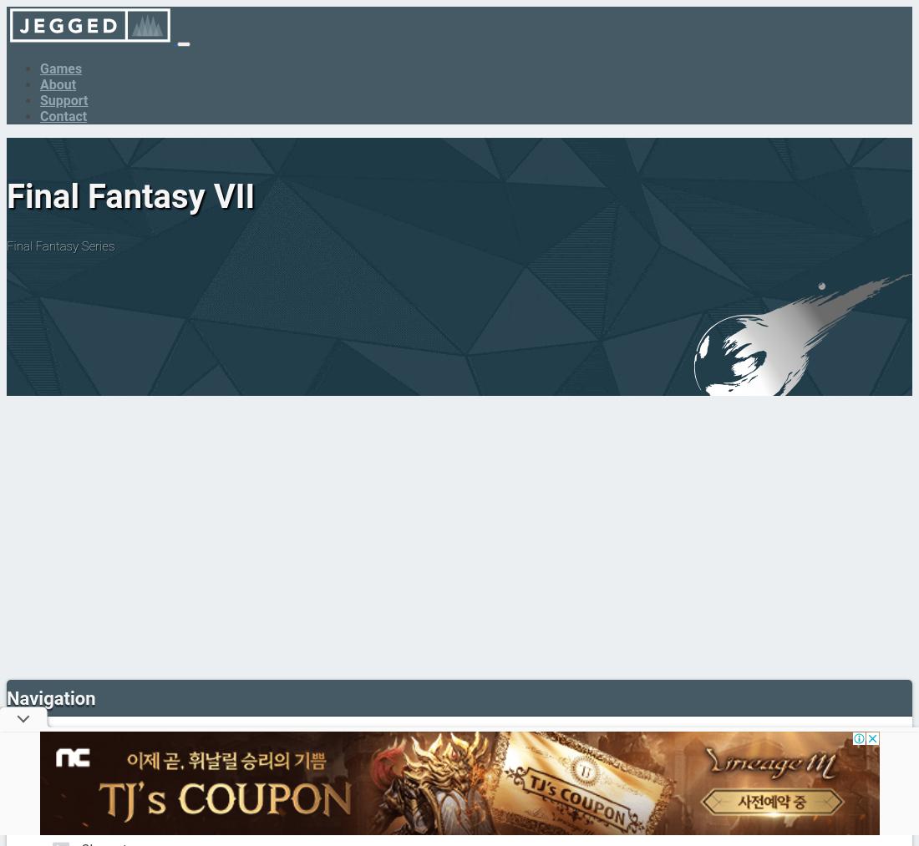  Describe the element at coordinates (38, 68) in the screenshot. I see `'Games'` at that location.